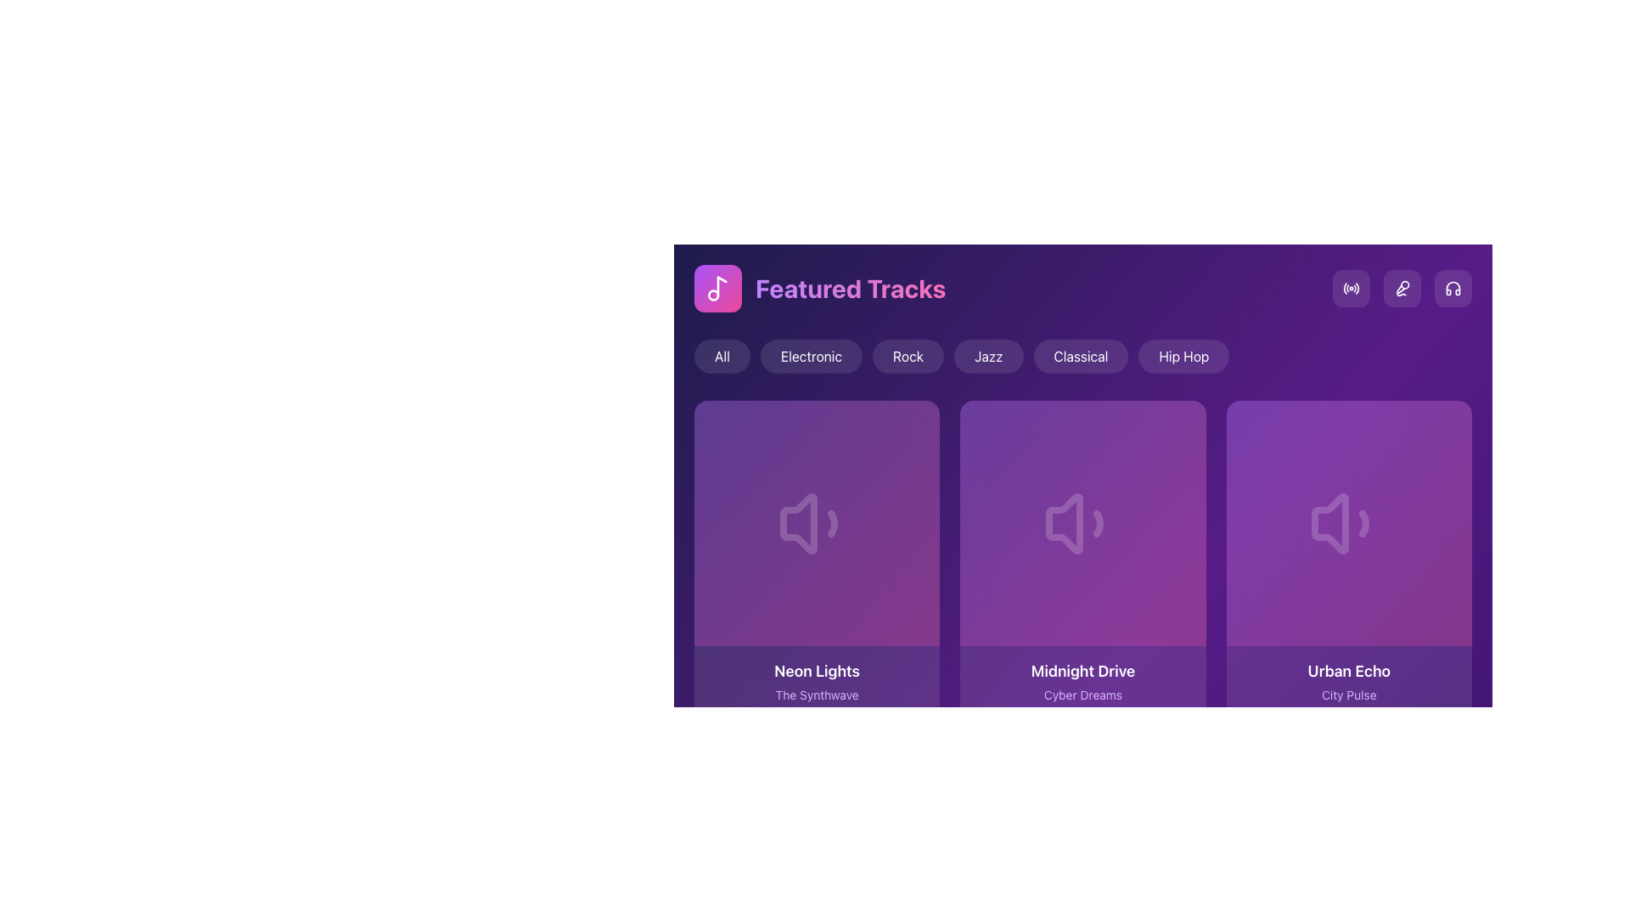  Describe the element at coordinates (817, 697) in the screenshot. I see `the Text display component that shows the title and subtitle of a media item located in the bottom section of a card layout, specifically in the first column from the left` at that location.